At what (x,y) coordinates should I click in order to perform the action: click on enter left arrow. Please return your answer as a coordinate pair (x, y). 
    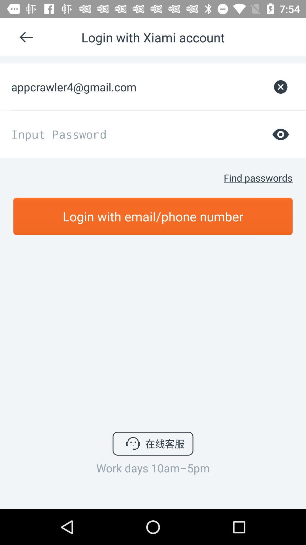
    Looking at the image, I should click on (26, 37).